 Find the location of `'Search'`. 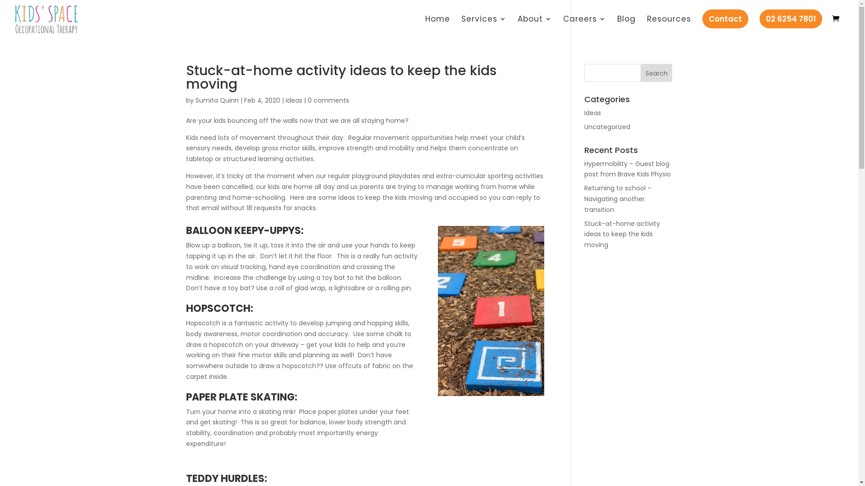

'Search' is located at coordinates (656, 72).